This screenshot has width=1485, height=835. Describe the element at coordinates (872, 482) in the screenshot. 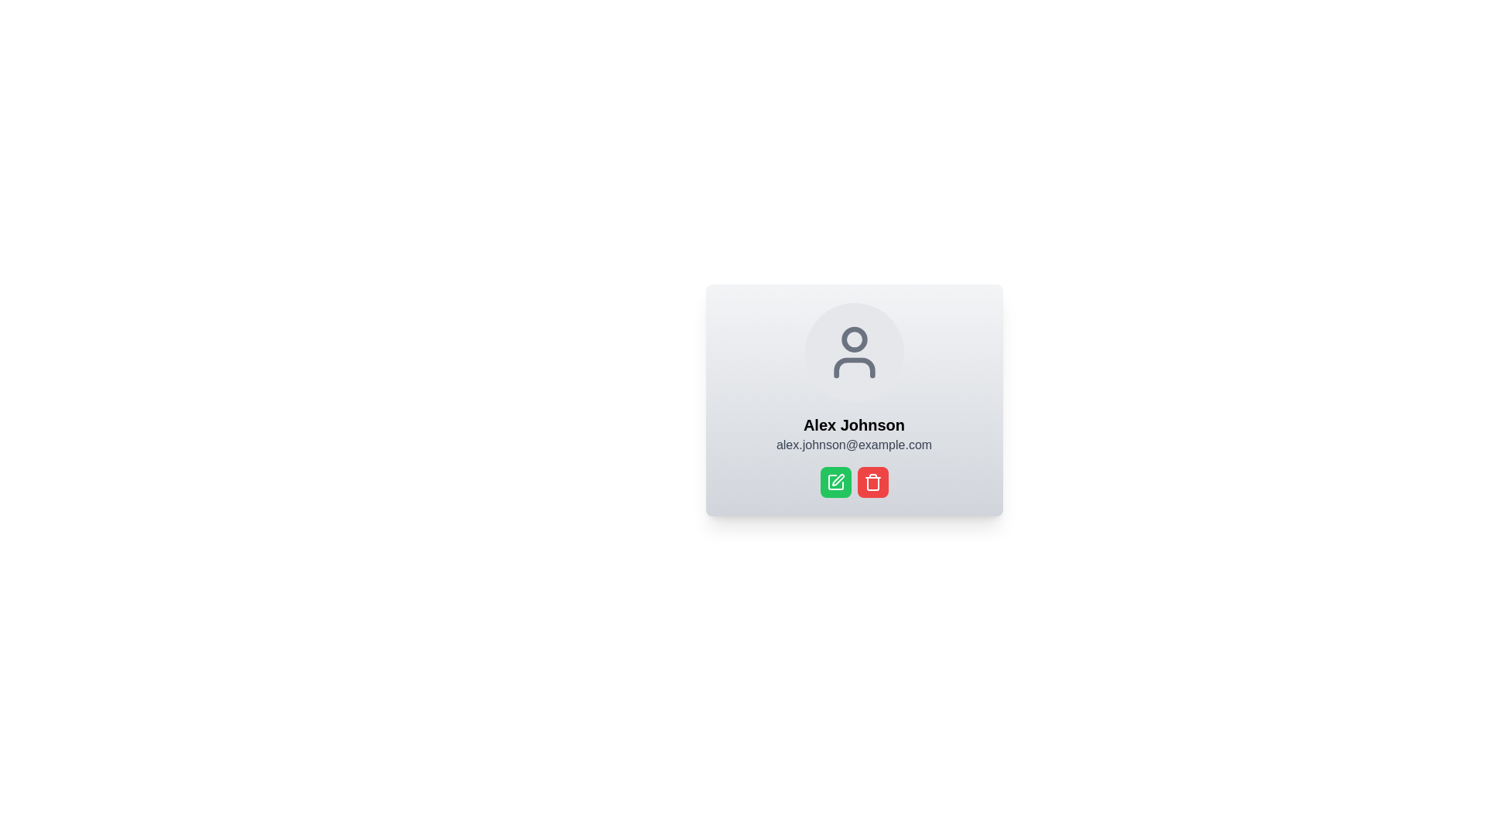

I see `the square-shaped red delete button with a white trash can icon` at that location.